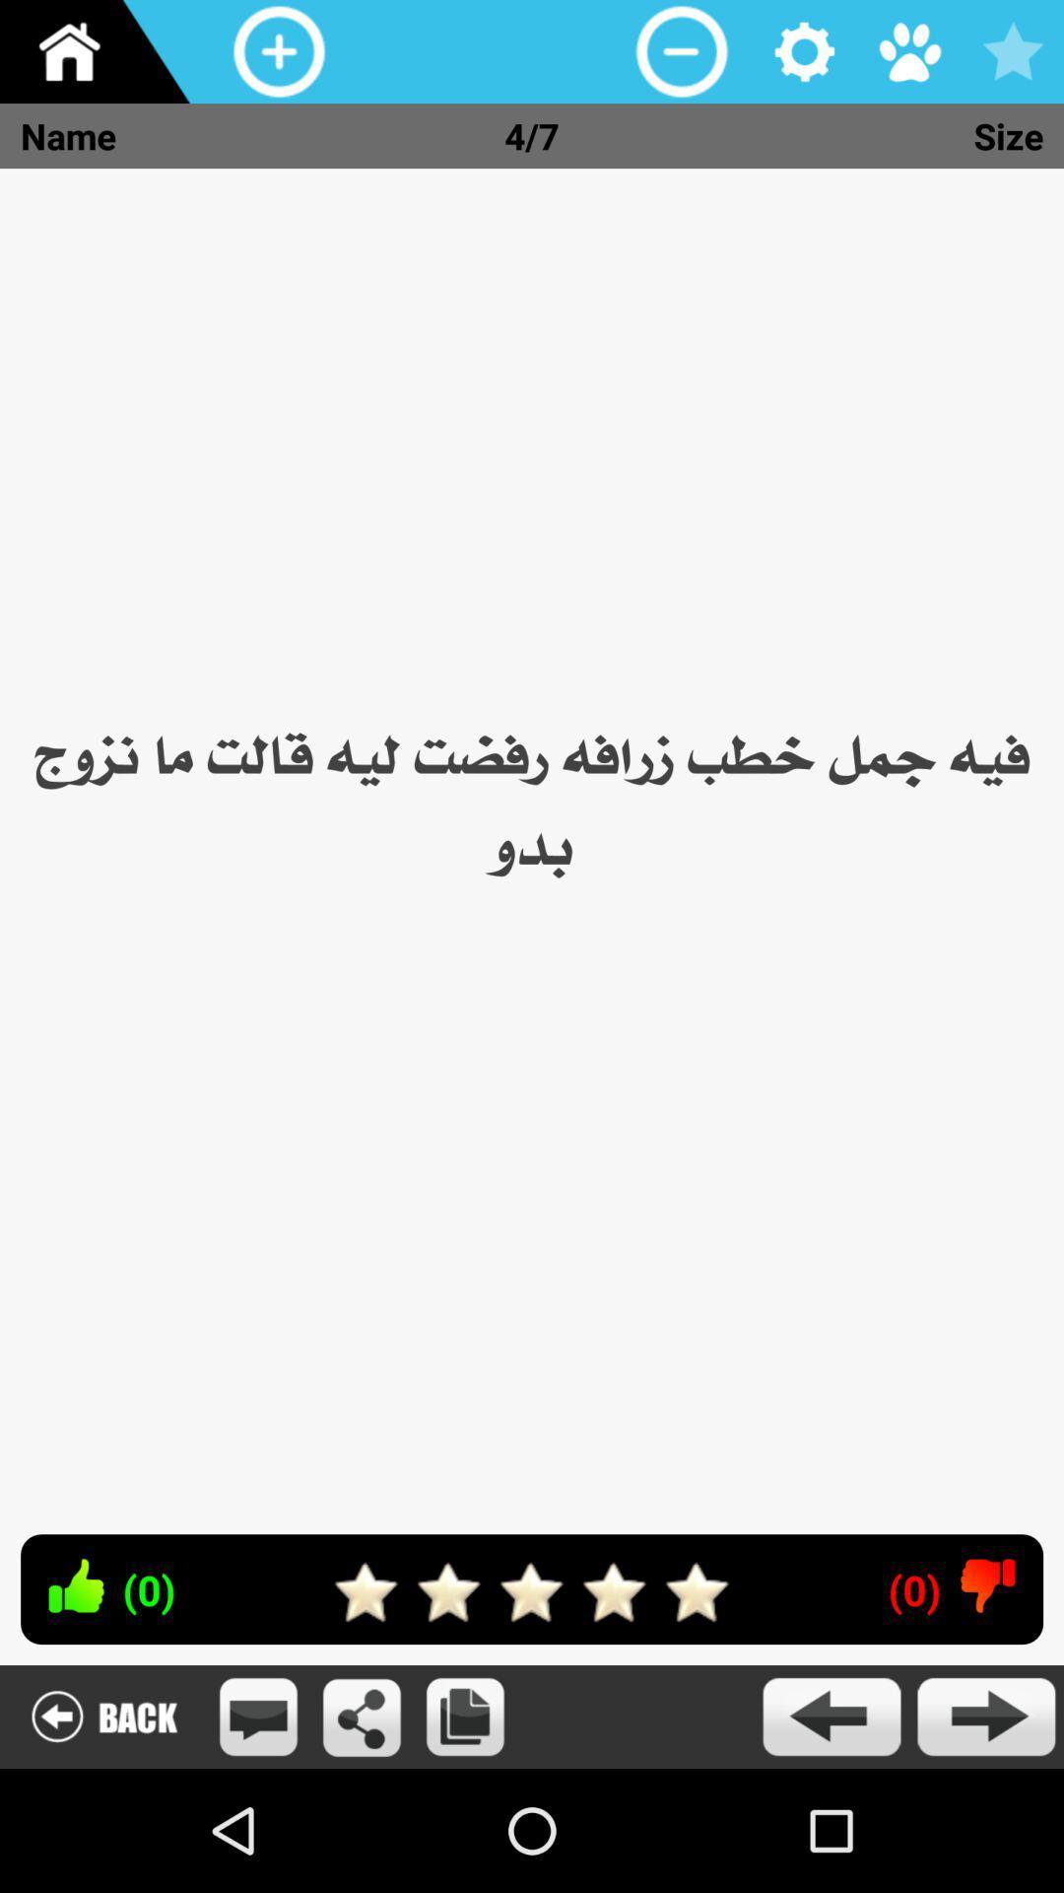 This screenshot has width=1064, height=1893. Describe the element at coordinates (1012, 51) in the screenshot. I see `the icon above the size icon` at that location.